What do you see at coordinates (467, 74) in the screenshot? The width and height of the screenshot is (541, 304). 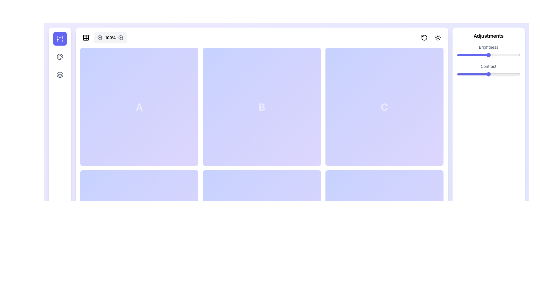 I see `the contrast` at bounding box center [467, 74].